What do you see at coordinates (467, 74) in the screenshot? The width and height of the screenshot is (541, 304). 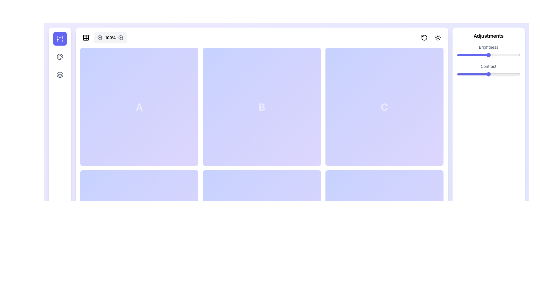 I see `the contrast` at bounding box center [467, 74].